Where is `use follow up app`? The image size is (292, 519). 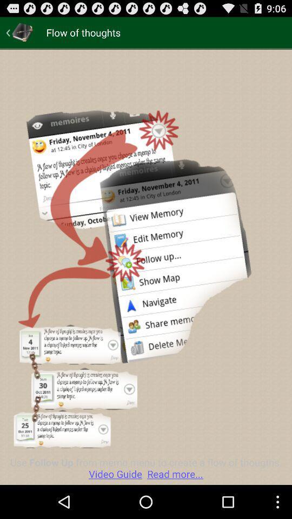 use follow up app is located at coordinates (146, 468).